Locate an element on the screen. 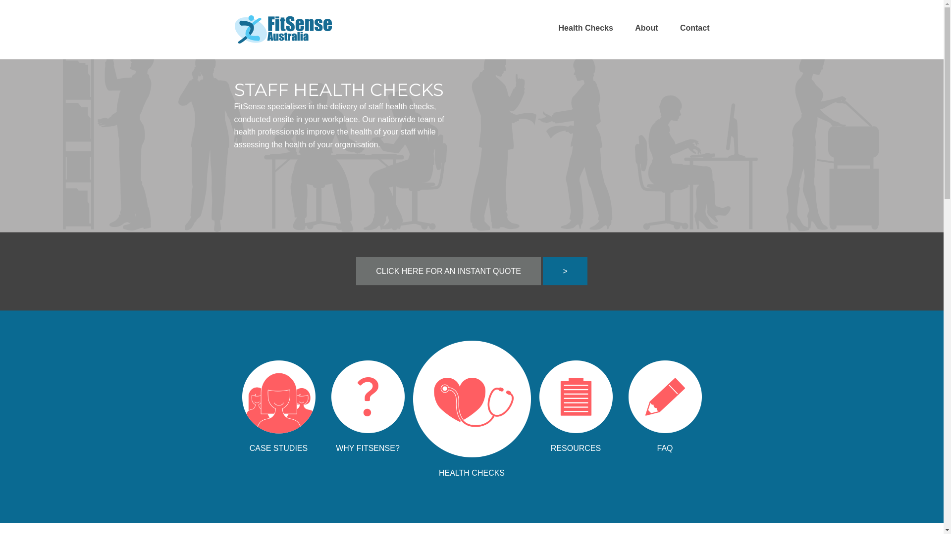  'CLICK HERE FOR AN INSTANT QUOTE' is located at coordinates (448, 271).